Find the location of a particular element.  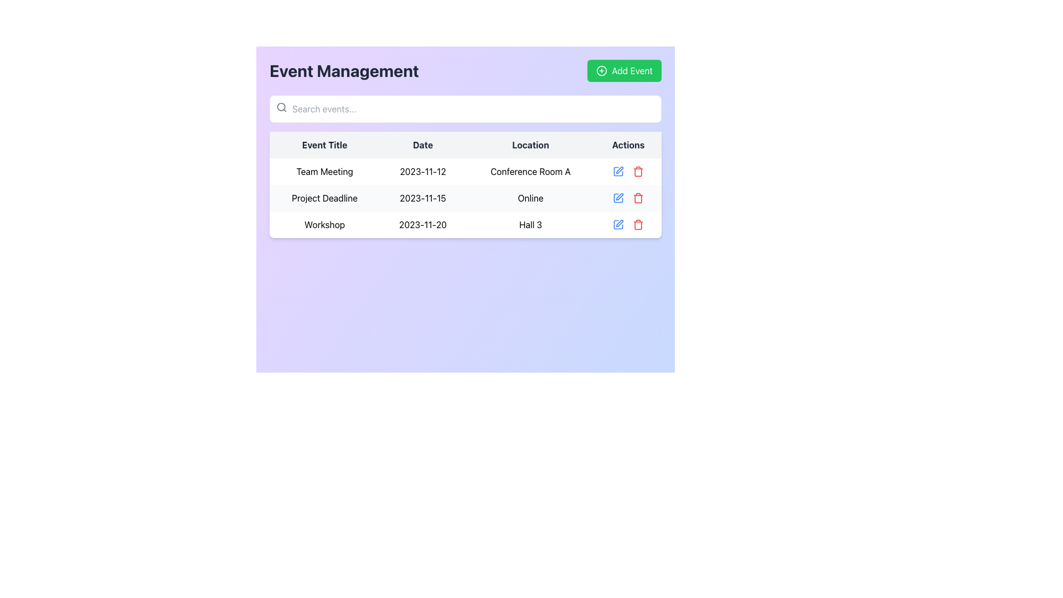

the 'Team Meeting' text label located in the 'Event Title' column of the table, which is the first entry aligned with the date '2023-11-12' and location 'Conference Room A' is located at coordinates (324, 171).